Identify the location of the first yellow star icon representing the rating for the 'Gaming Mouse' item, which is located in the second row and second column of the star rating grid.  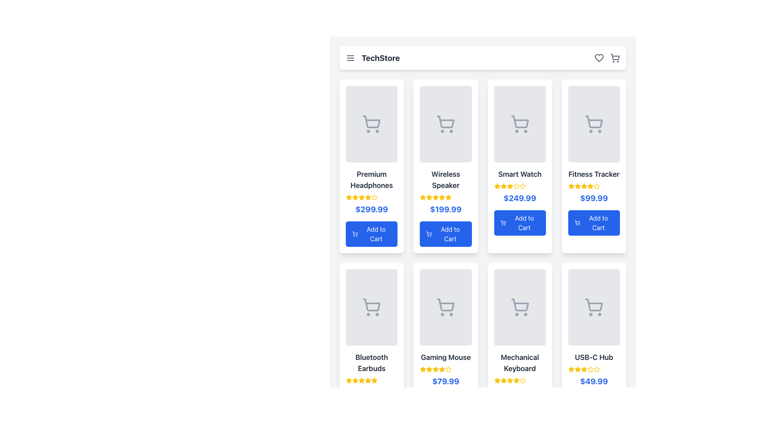
(423, 369).